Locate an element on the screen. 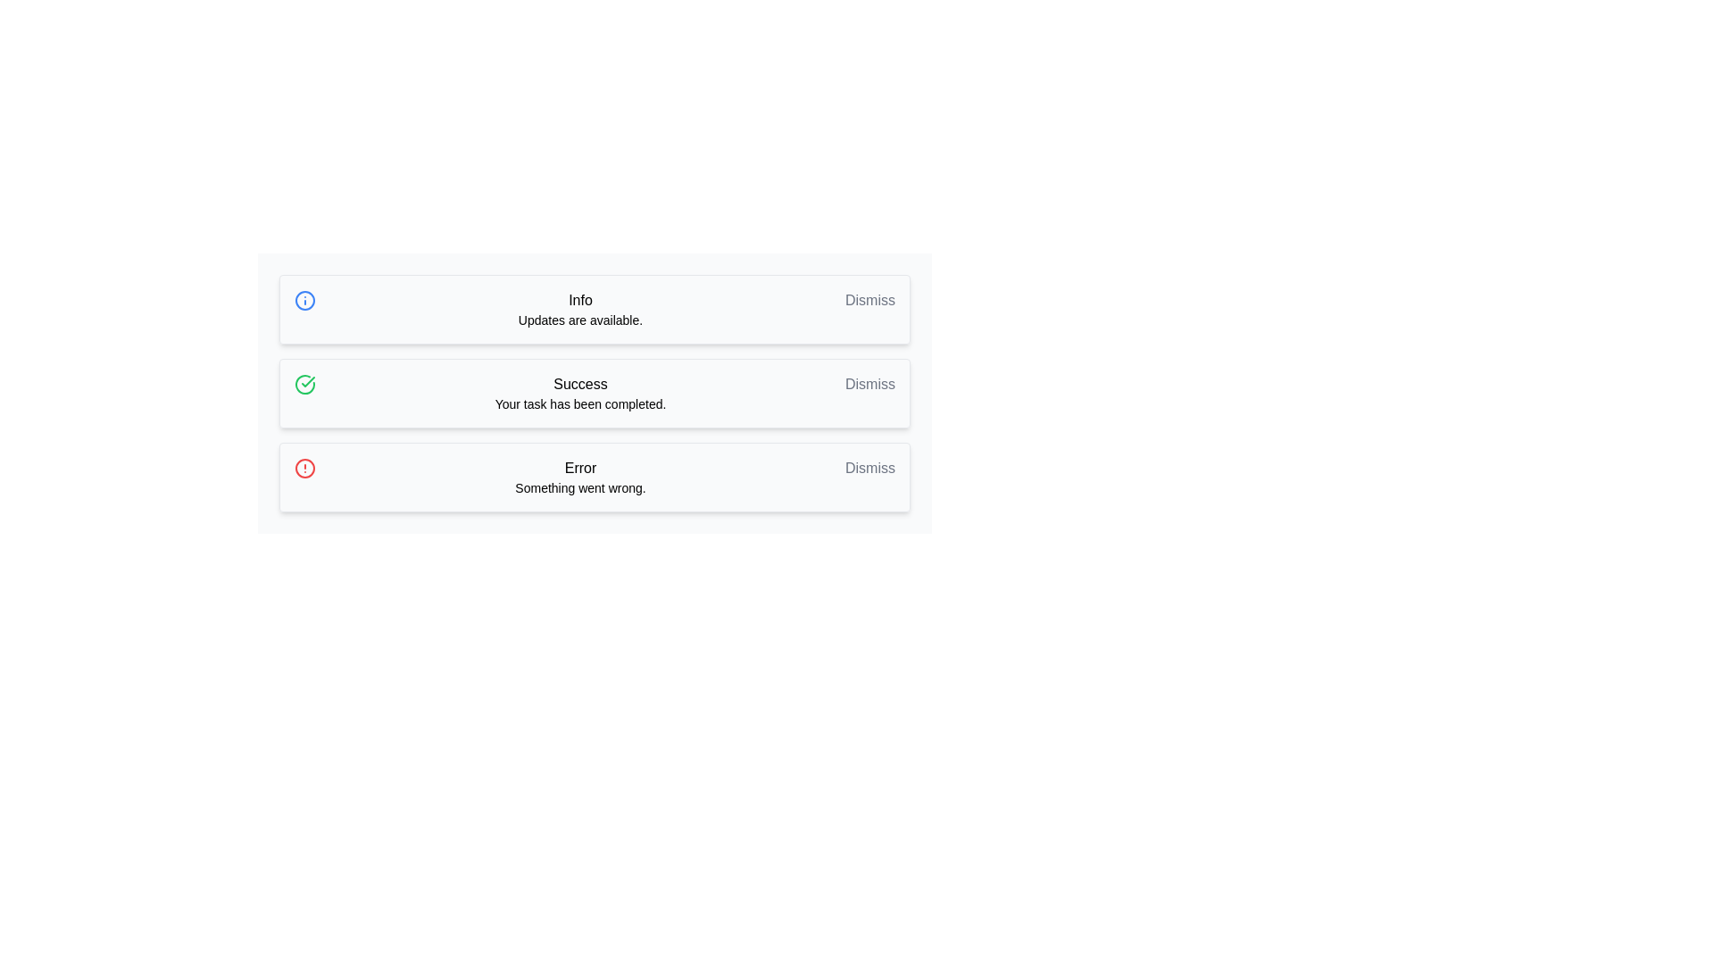 Image resolution: width=1714 pixels, height=964 pixels. the green checkmark icon located within the 'Success' notification card to the left of the text 'Success Your task has been completed.' is located at coordinates (308, 381).